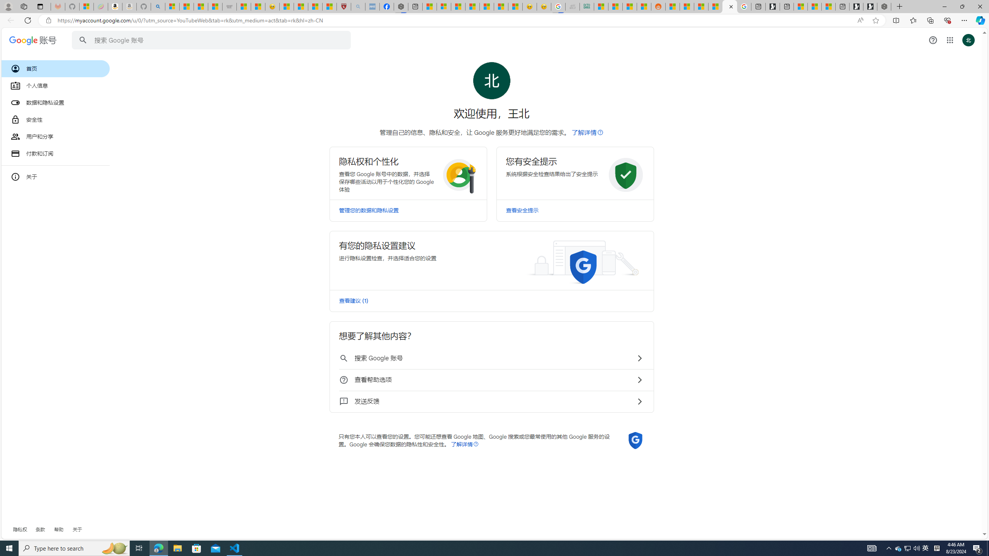 The height and width of the screenshot is (556, 989). What do you see at coordinates (229, 6) in the screenshot?
I see `'Combat Siege'` at bounding box center [229, 6].